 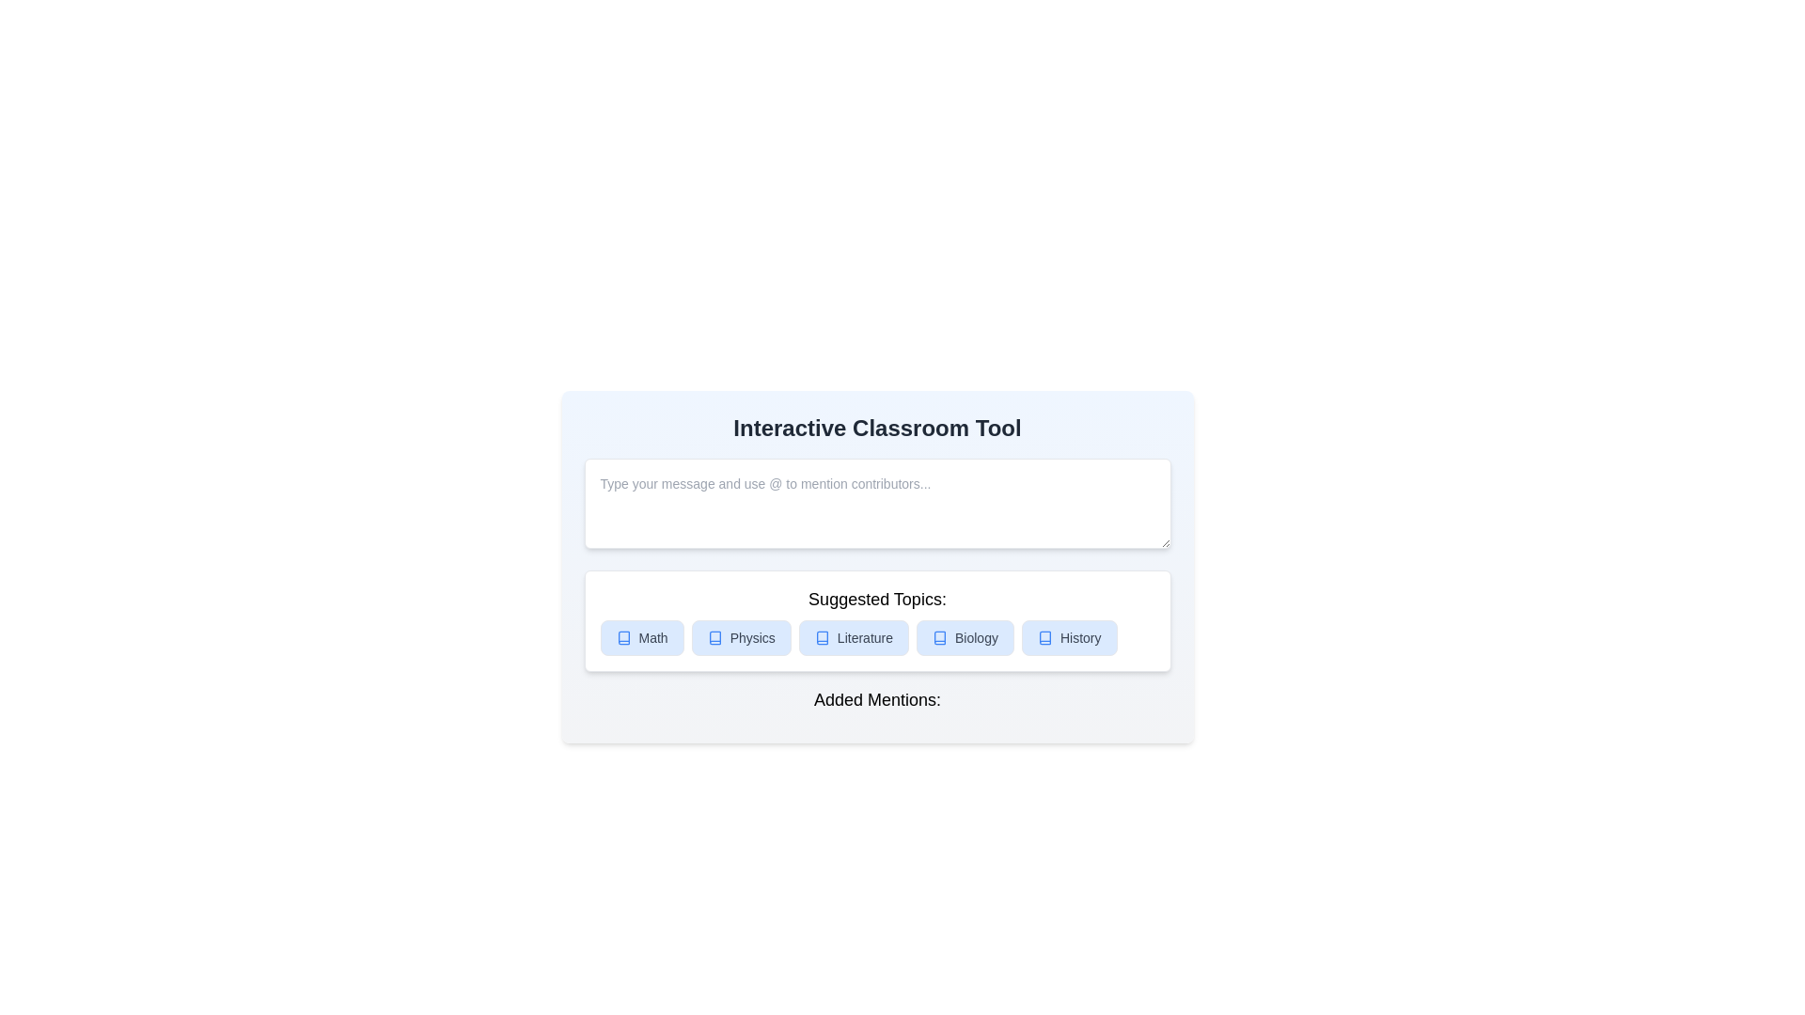 I want to click on a tag within the Informational Card displayed below the input field and above 'Added Mentions:' in the 'Interactive Classroom Tool', so click(x=876, y=620).